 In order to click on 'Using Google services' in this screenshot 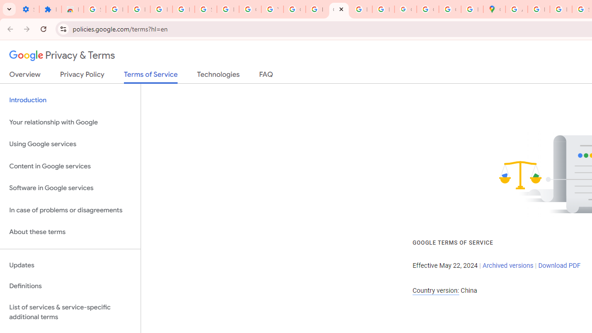, I will do `click(70, 144)`.